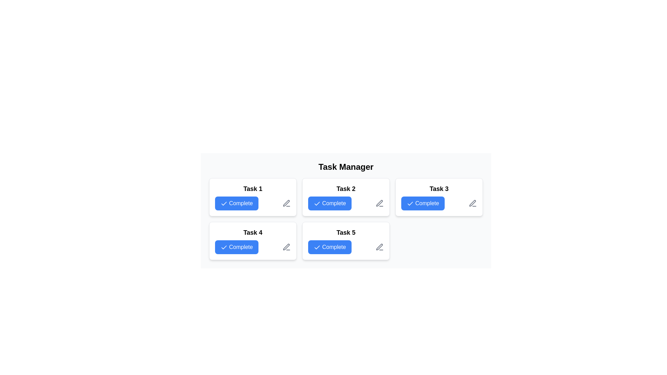  Describe the element at coordinates (422, 203) in the screenshot. I see `the button in the top-right of the 'Task 3' card to mark the corresponding task as complete` at that location.